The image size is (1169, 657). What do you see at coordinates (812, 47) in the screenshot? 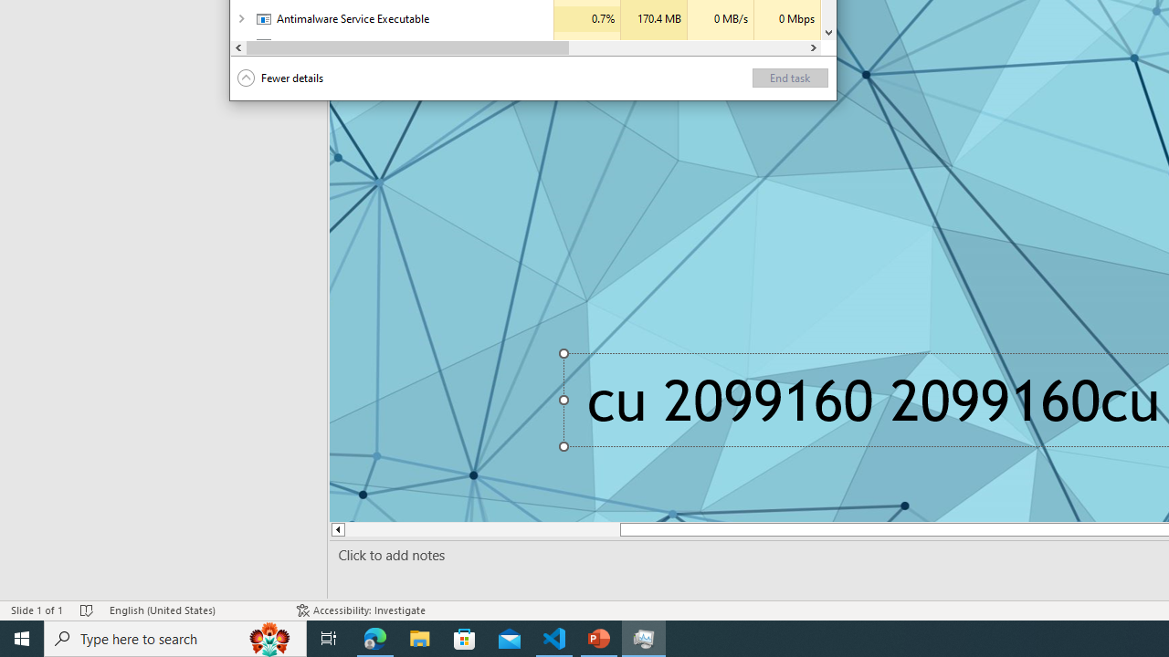
I see `'Column right'` at bounding box center [812, 47].